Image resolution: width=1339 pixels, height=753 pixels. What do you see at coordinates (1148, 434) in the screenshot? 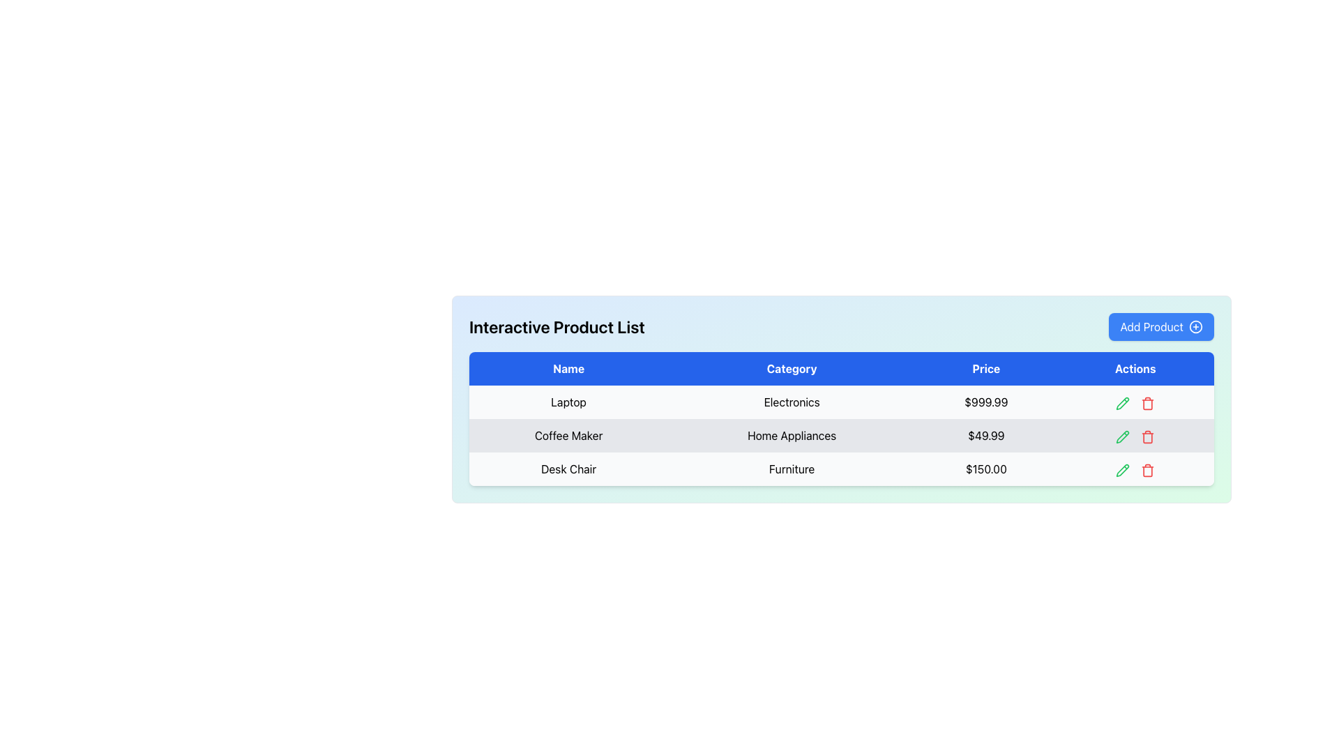
I see `the trash can icon button with a red fill in the 'Actions' column for the 'Coffee Maker' item` at bounding box center [1148, 434].